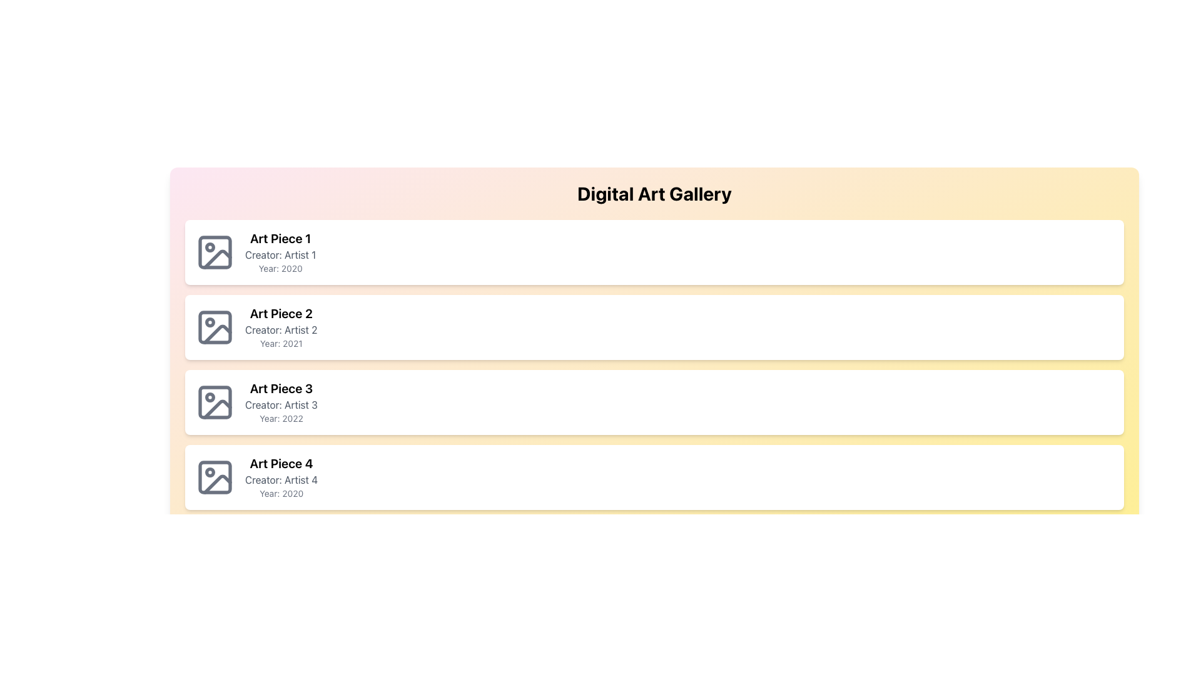 The height and width of the screenshot is (675, 1201). Describe the element at coordinates (280, 419) in the screenshot. I see `the Text Display that conveys the year '2022' associated with the art piece in the third card labeled 'Art Piece 3'` at that location.